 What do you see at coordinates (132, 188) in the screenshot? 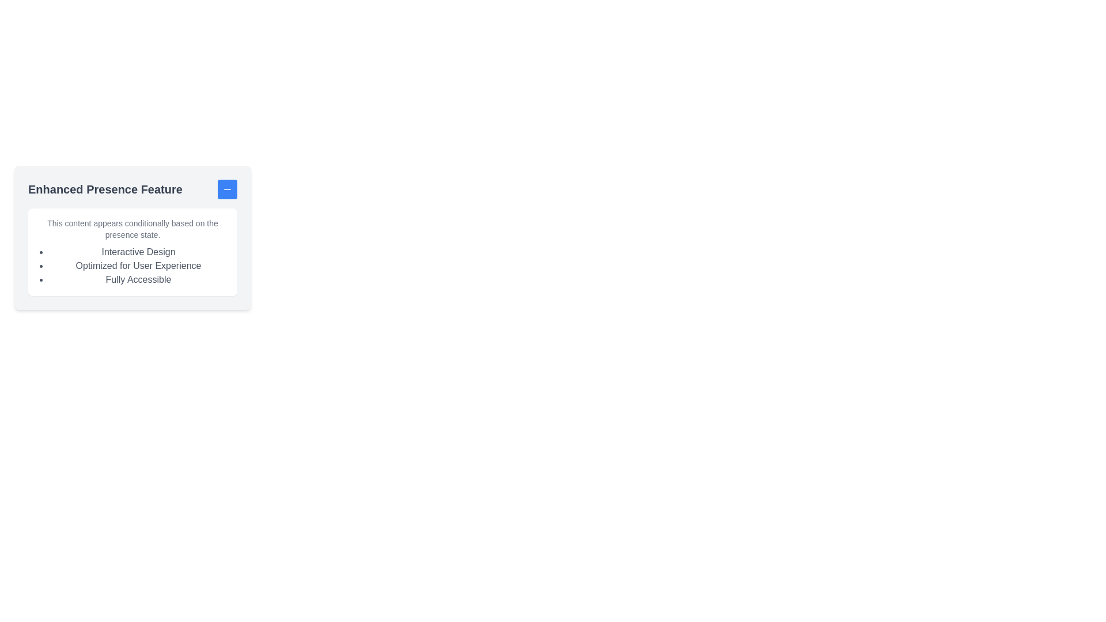
I see `title text 'Enhanced Presence Feature' of the Collapsible Section Header located at the top of a section within a card-like layout` at bounding box center [132, 188].